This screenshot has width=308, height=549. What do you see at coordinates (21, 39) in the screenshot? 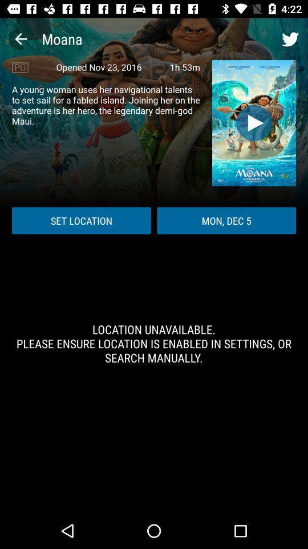
I see `the item above opened nov 23` at bounding box center [21, 39].